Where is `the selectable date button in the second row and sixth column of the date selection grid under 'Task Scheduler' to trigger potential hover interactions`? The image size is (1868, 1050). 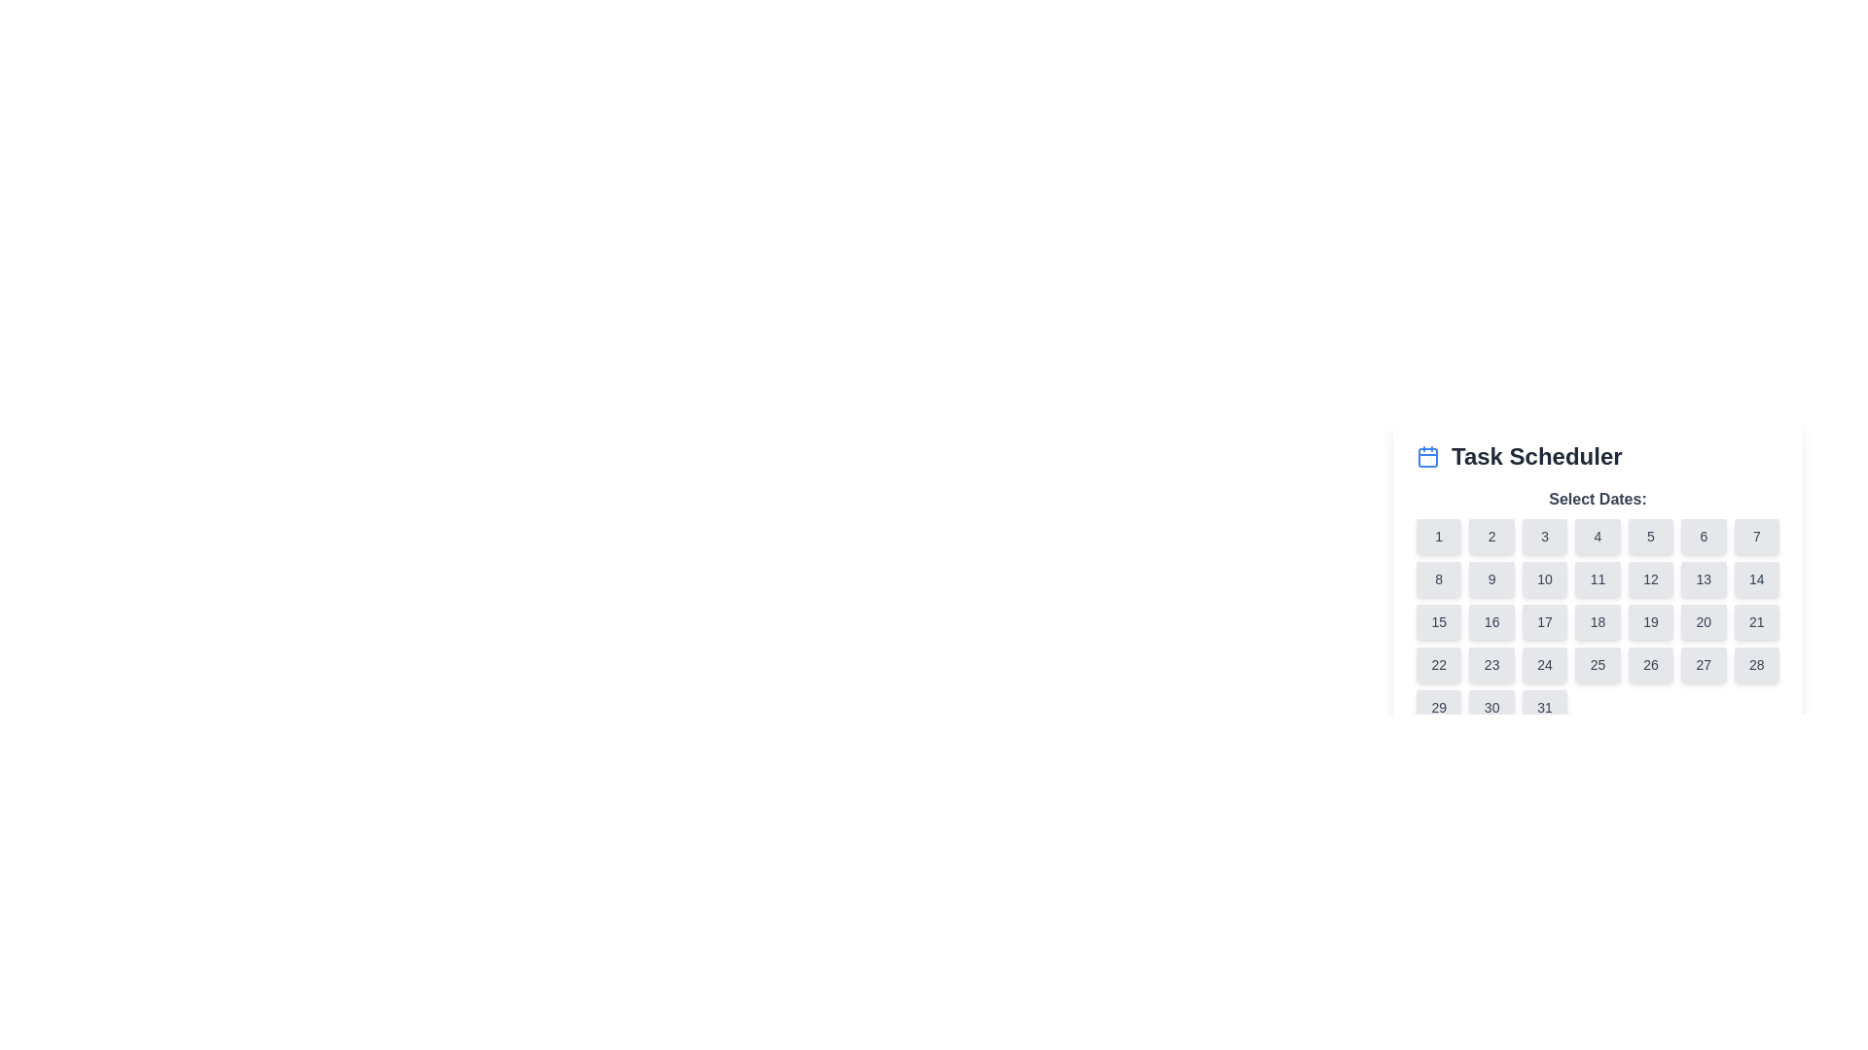 the selectable date button in the second row and sixth column of the date selection grid under 'Task Scheduler' to trigger potential hover interactions is located at coordinates (1649, 578).